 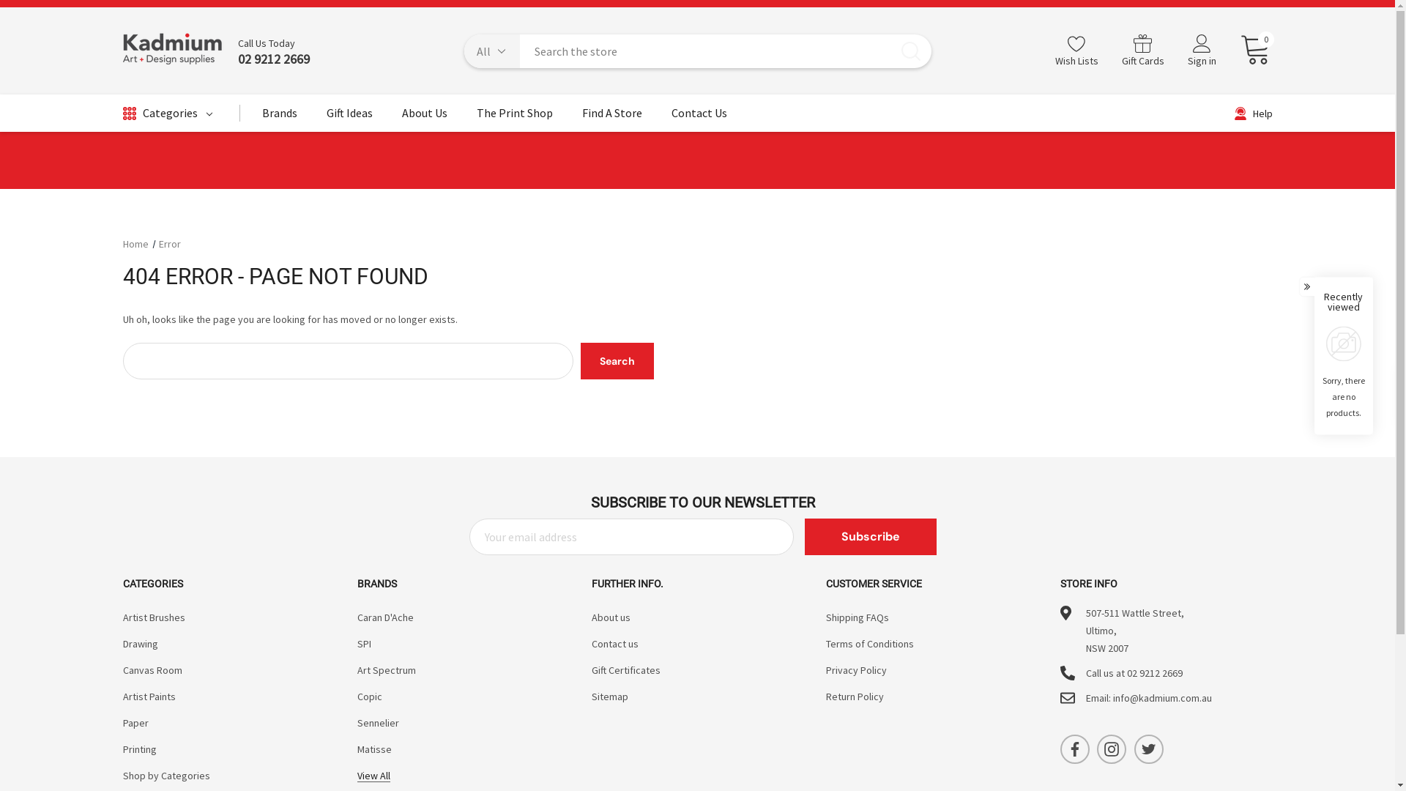 What do you see at coordinates (1111, 749) in the screenshot?
I see `'Open Instagram in a new tab'` at bounding box center [1111, 749].